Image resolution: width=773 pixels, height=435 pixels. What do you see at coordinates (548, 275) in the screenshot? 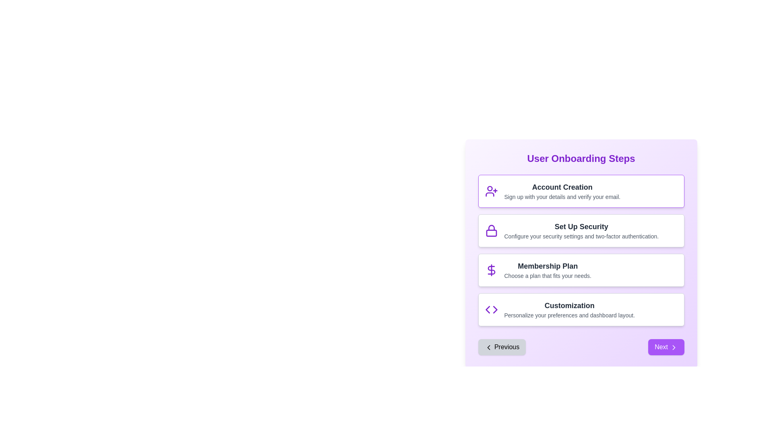
I see `the descriptive subtitle element providing additional information about the 'Membership Plan' phase, located below the 'Membership Plan' text in the third card of the onboarding process` at bounding box center [548, 275].